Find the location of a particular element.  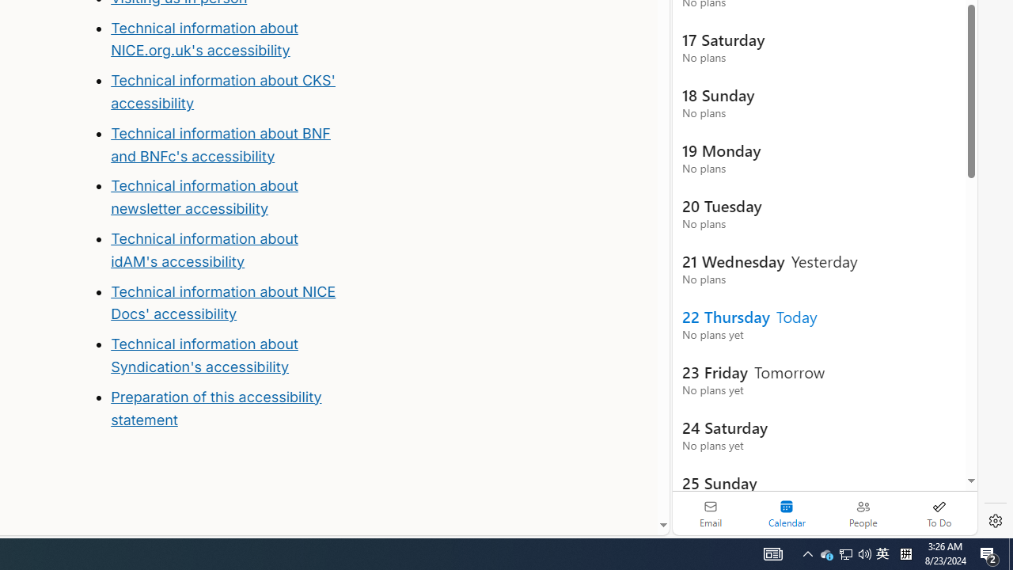

'Technical information about NICE Docs' is located at coordinates (222, 302).